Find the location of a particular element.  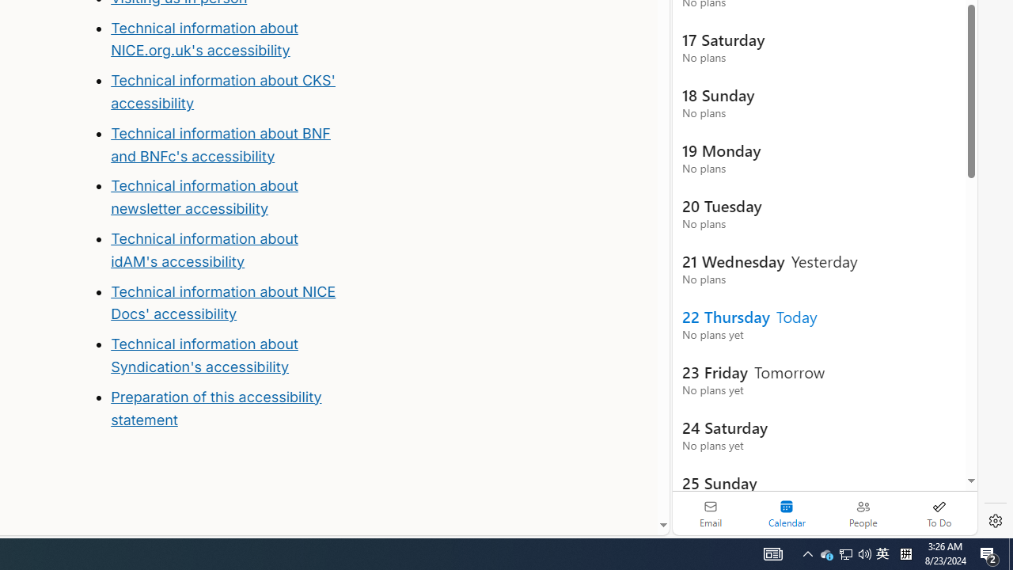

'Technical information about NICE Docs' is located at coordinates (222, 302).